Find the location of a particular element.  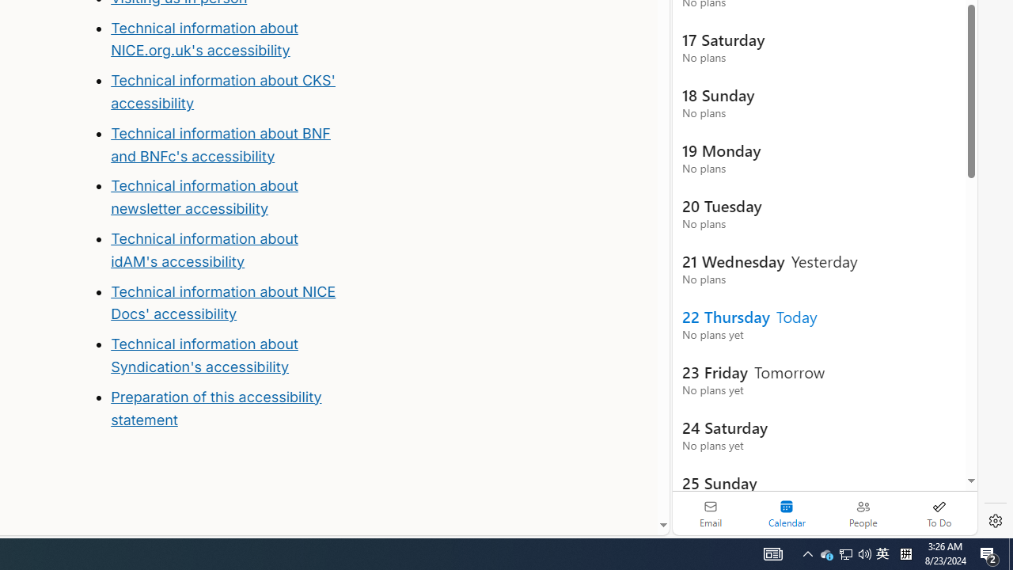

'Technical information about NICE Docs' is located at coordinates (222, 302).